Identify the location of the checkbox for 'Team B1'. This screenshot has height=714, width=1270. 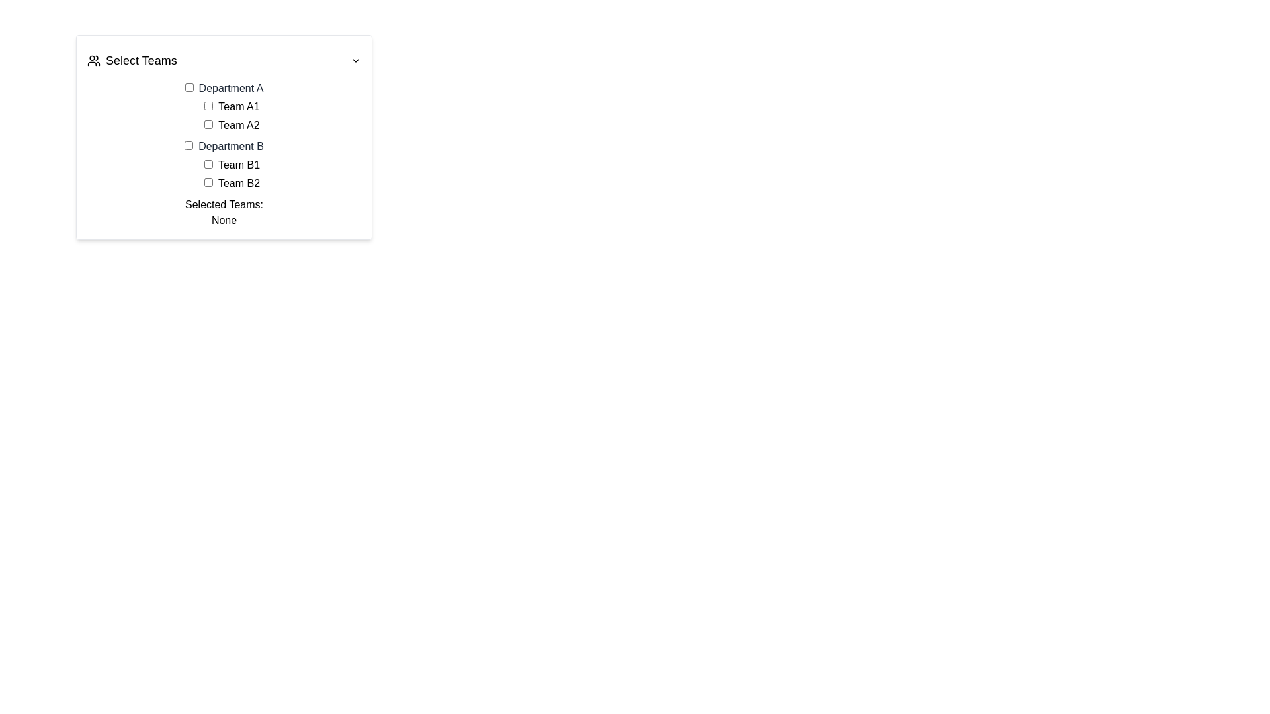
(208, 163).